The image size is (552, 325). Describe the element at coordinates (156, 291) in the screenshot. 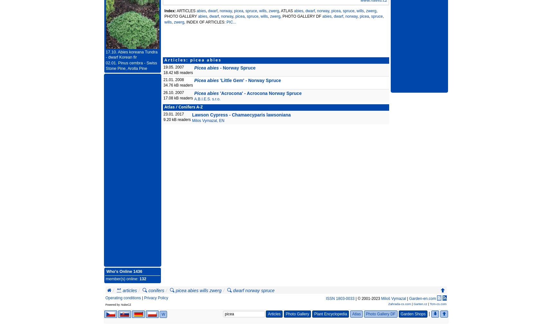

I see `'conifers'` at that location.